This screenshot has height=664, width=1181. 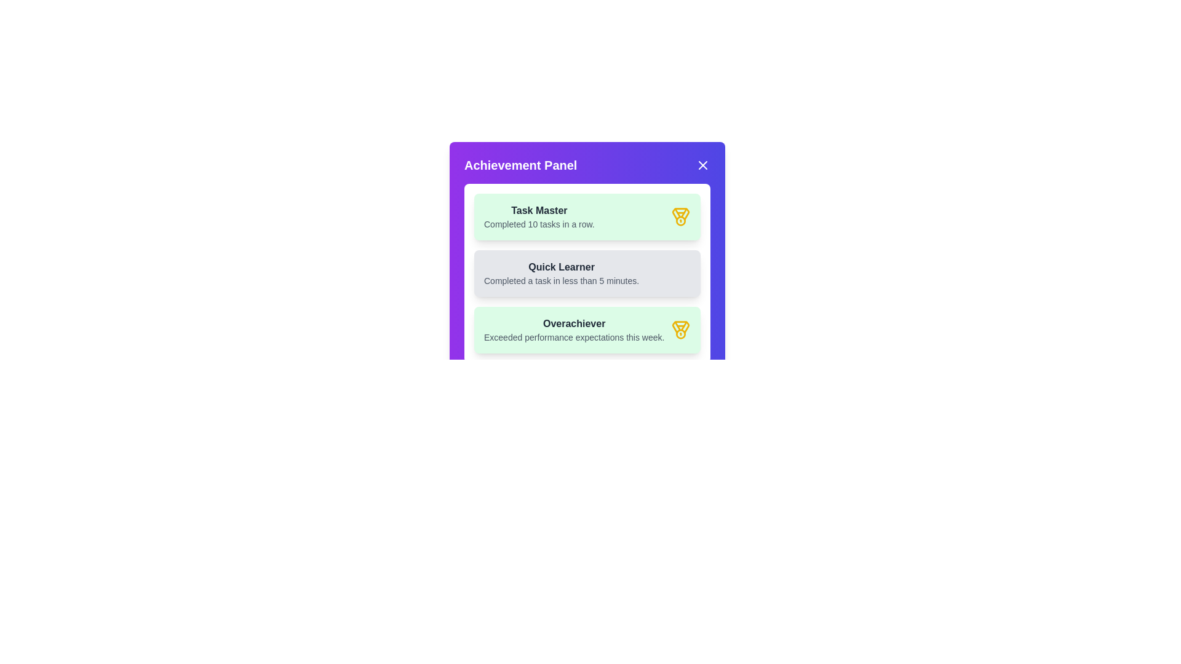 What do you see at coordinates (561, 267) in the screenshot?
I see `the header text for the achievement entry titled 'Completed a task in less than 5 minutes' within the 'Achievement Panel'` at bounding box center [561, 267].